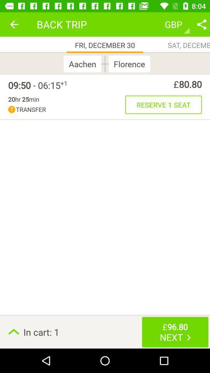 The height and width of the screenshot is (373, 210). I want to click on the icon below the fri, december 30 item, so click(105, 63).